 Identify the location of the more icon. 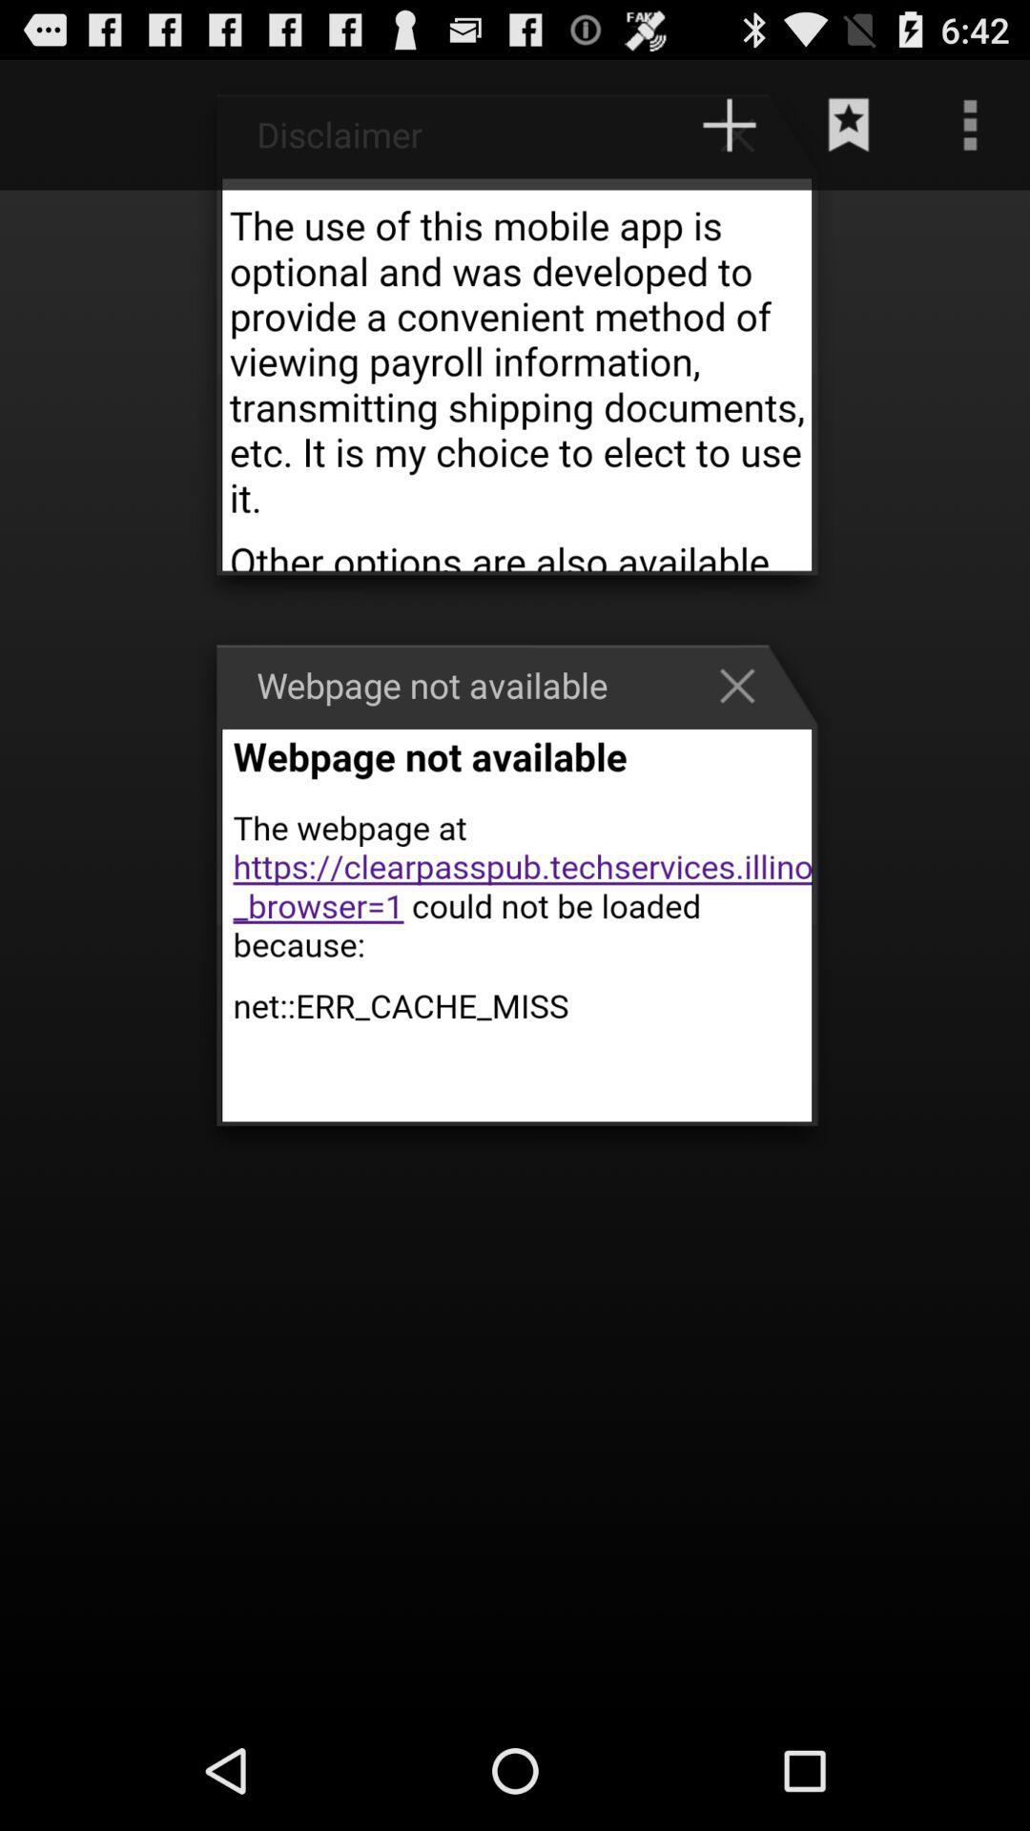
(970, 133).